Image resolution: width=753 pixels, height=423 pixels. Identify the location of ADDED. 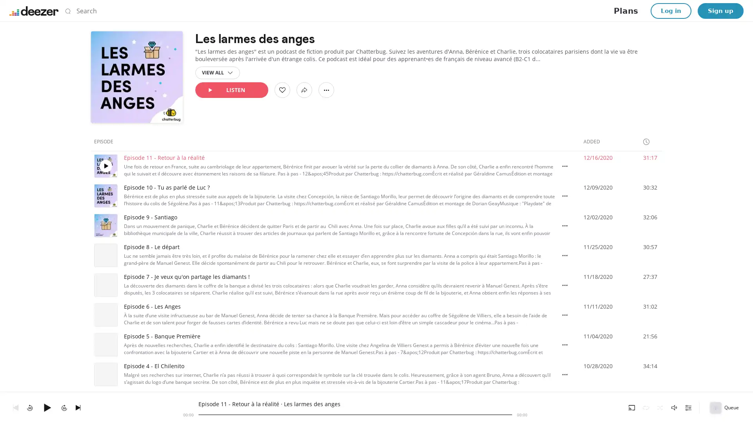
(595, 141).